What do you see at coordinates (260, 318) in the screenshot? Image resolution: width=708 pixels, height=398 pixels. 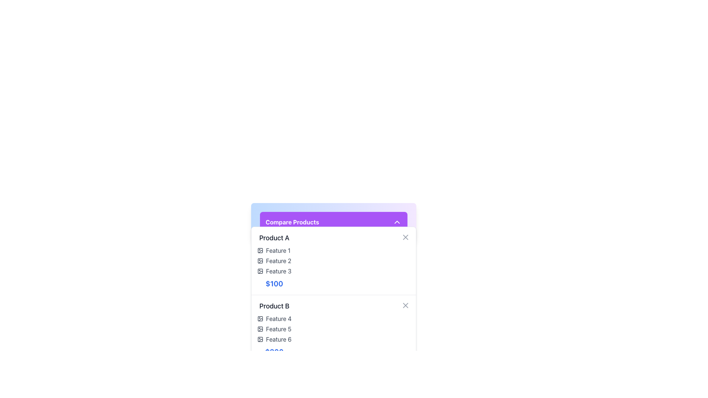 I see `the SVG icon that serves as an indicator for 'Feature 4' in the 'Product B' section of the comparison interface` at bounding box center [260, 318].